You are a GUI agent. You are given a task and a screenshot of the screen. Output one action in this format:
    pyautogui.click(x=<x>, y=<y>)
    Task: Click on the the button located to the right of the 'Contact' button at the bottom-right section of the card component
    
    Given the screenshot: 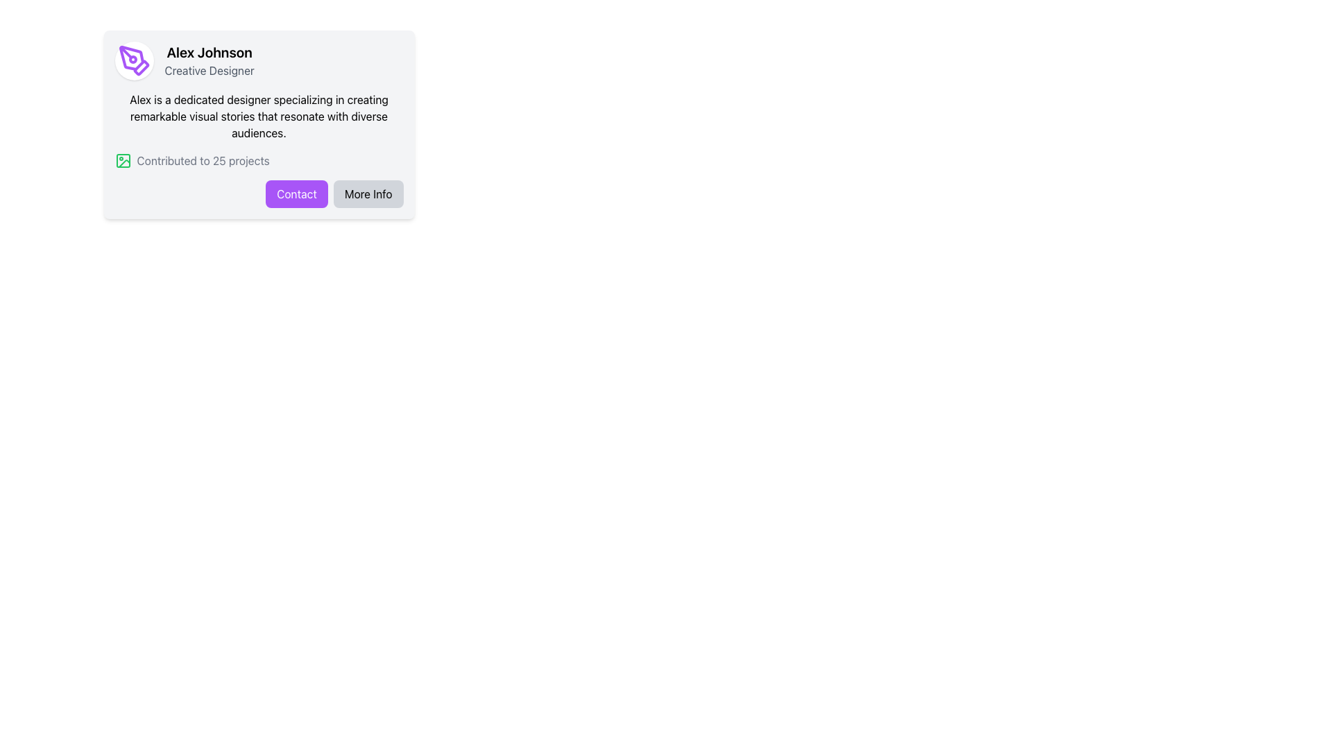 What is the action you would take?
    pyautogui.click(x=368, y=194)
    